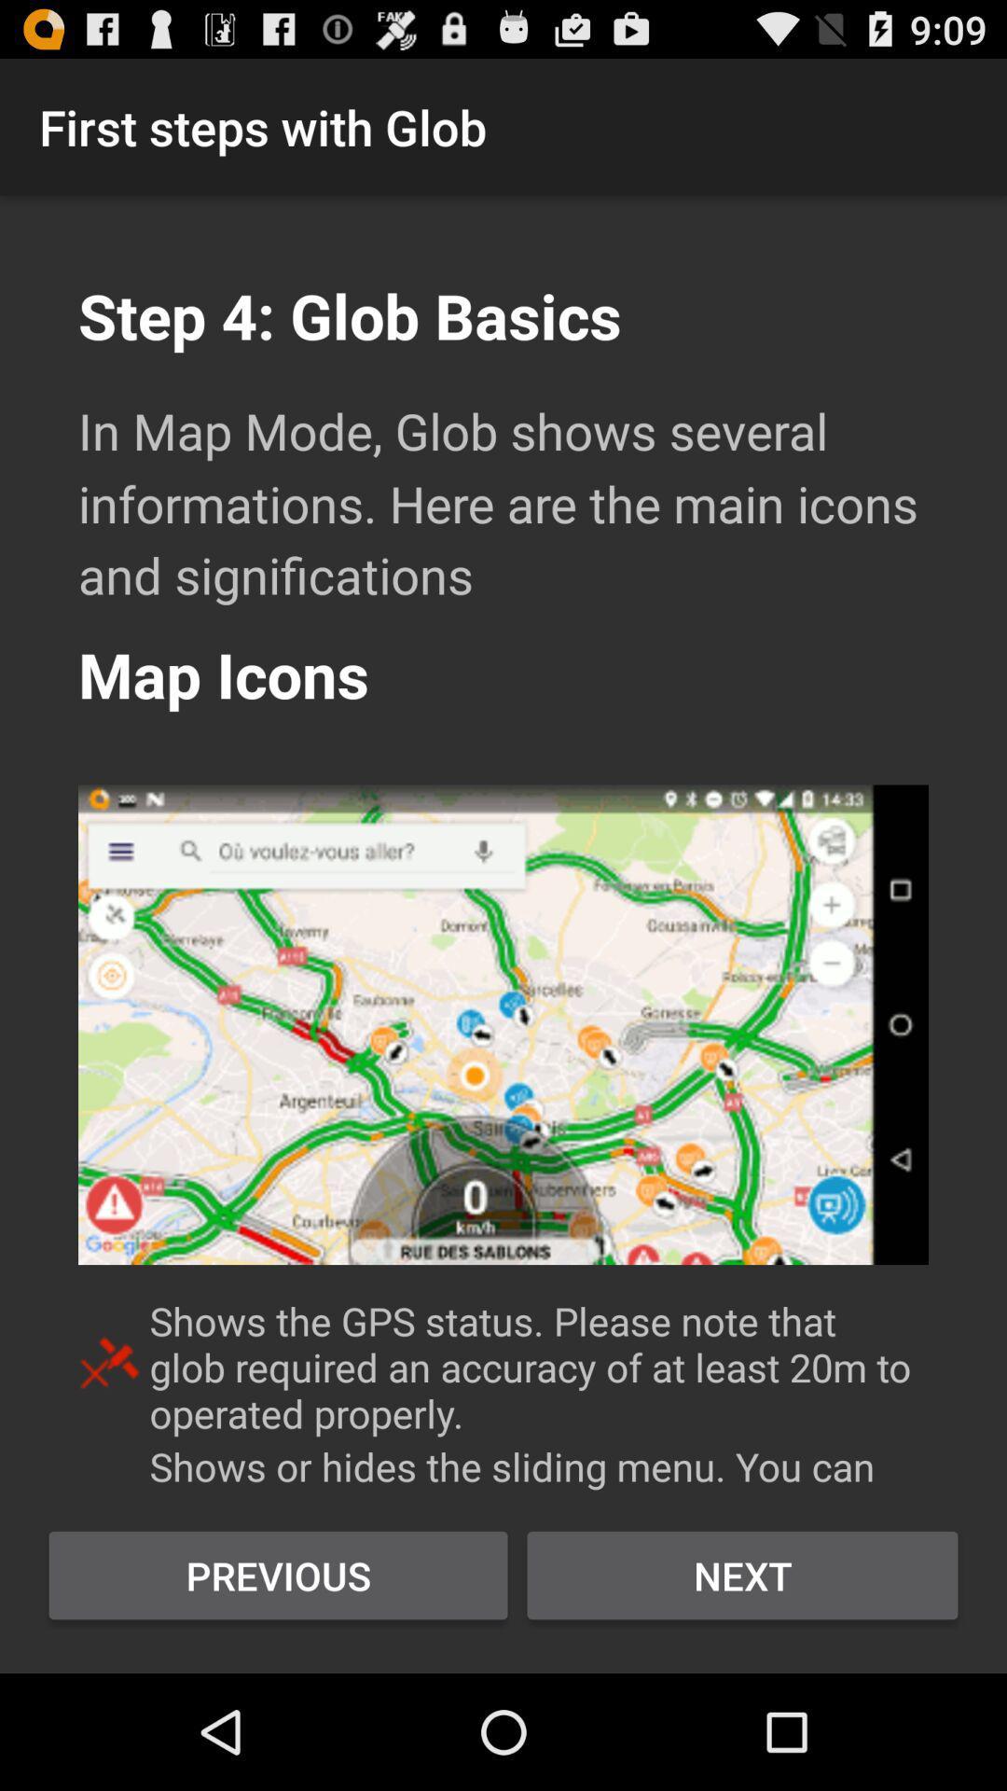 The image size is (1007, 1791). I want to click on next icon, so click(741, 1575).